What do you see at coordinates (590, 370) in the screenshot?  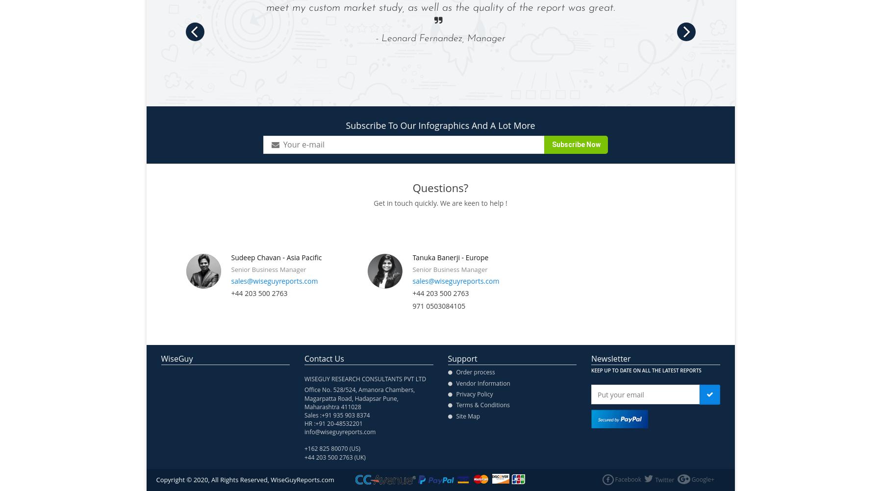 I see `'KEEP UP TO DATE ON ALL THE LATEST REPORTS'` at bounding box center [590, 370].